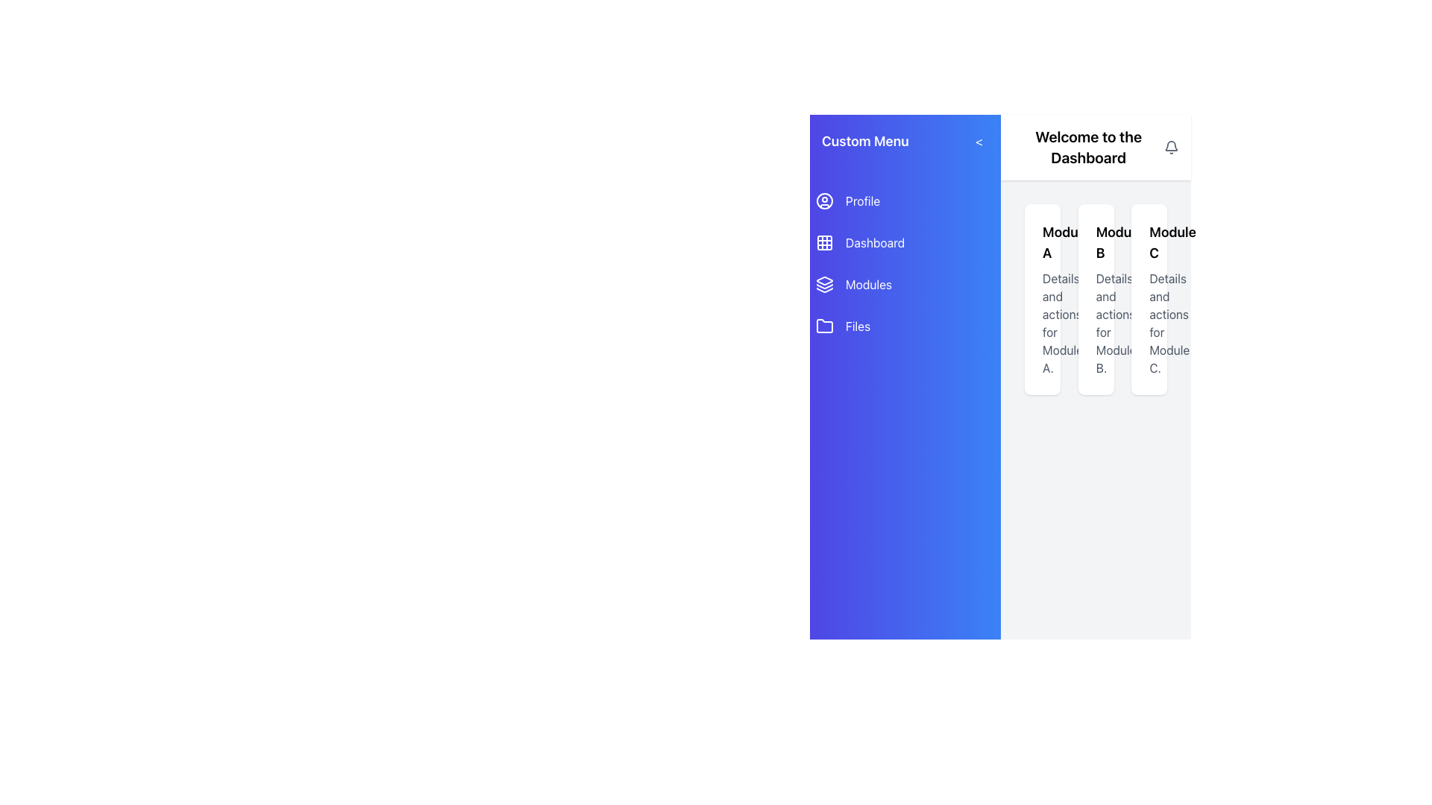 The image size is (1432, 805). What do you see at coordinates (823, 242) in the screenshot?
I see `the center square of the grid icon in the sidebar menu, which is visually associated with the 'Dashboard' label` at bounding box center [823, 242].